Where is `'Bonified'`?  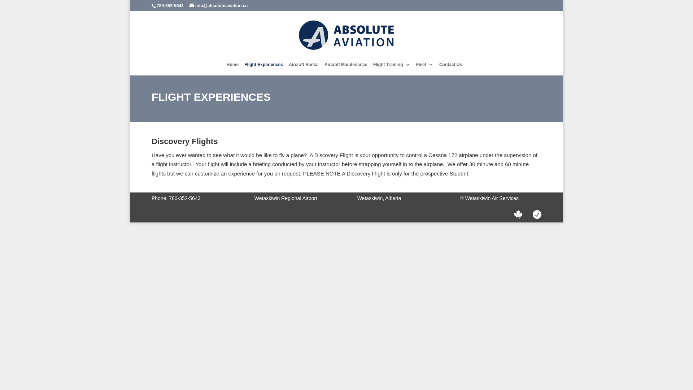 'Bonified' is located at coordinates (537, 214).